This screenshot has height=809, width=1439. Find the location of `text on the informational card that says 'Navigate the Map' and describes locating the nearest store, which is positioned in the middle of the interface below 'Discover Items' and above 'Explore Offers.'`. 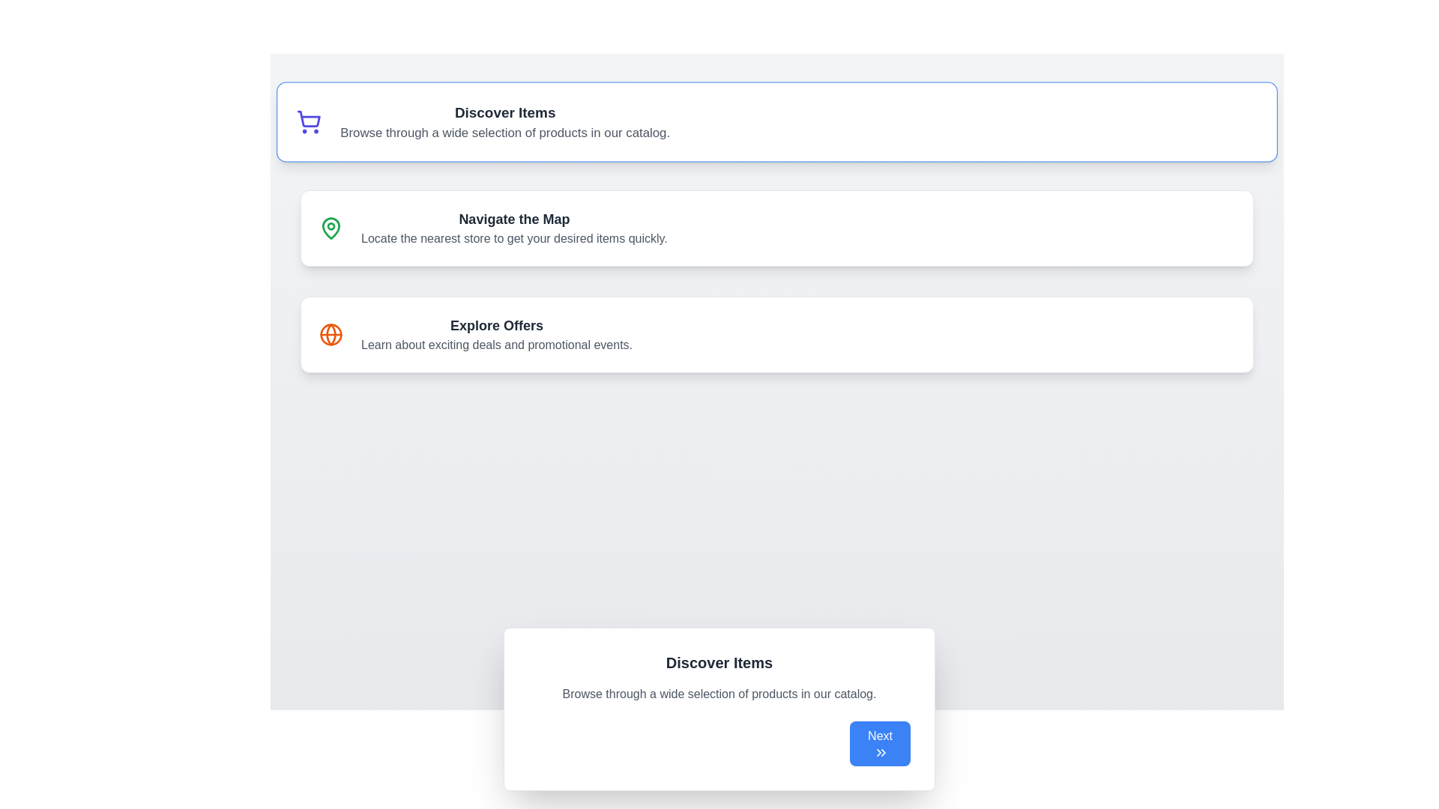

text on the informational card that says 'Navigate the Map' and describes locating the nearest store, which is positioned in the middle of the interface below 'Discover Items' and above 'Explore Offers.' is located at coordinates (514, 228).